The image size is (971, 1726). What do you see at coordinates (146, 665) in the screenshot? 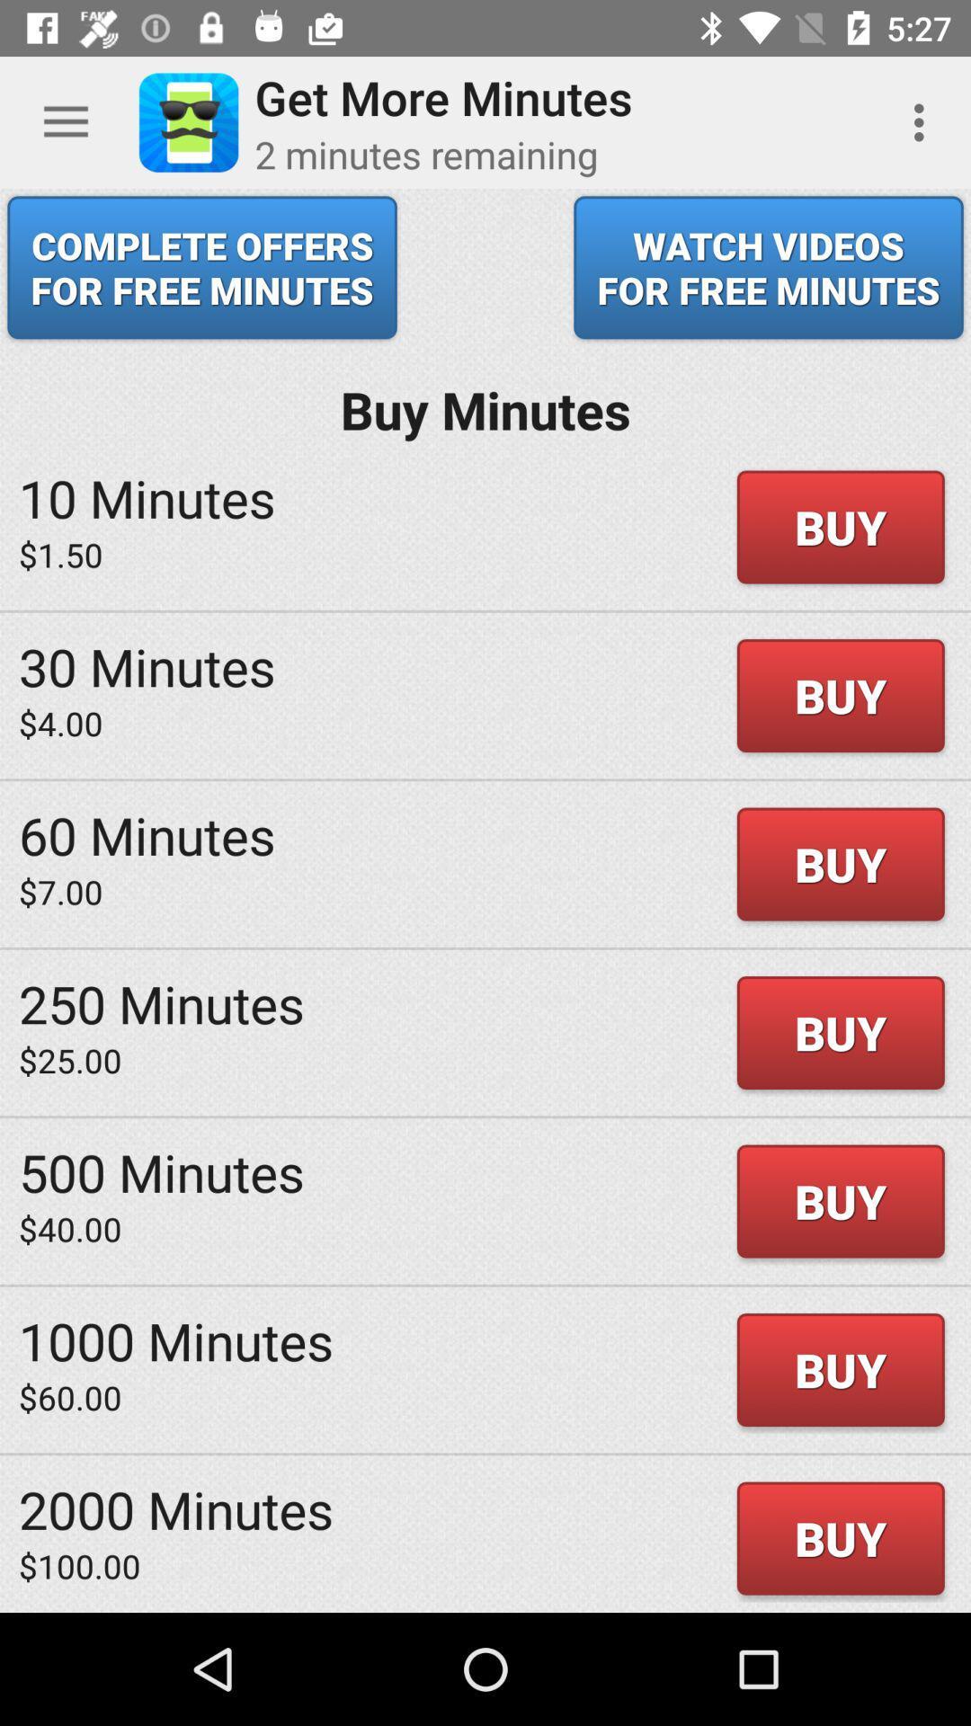
I see `the 30 minutes item` at bounding box center [146, 665].